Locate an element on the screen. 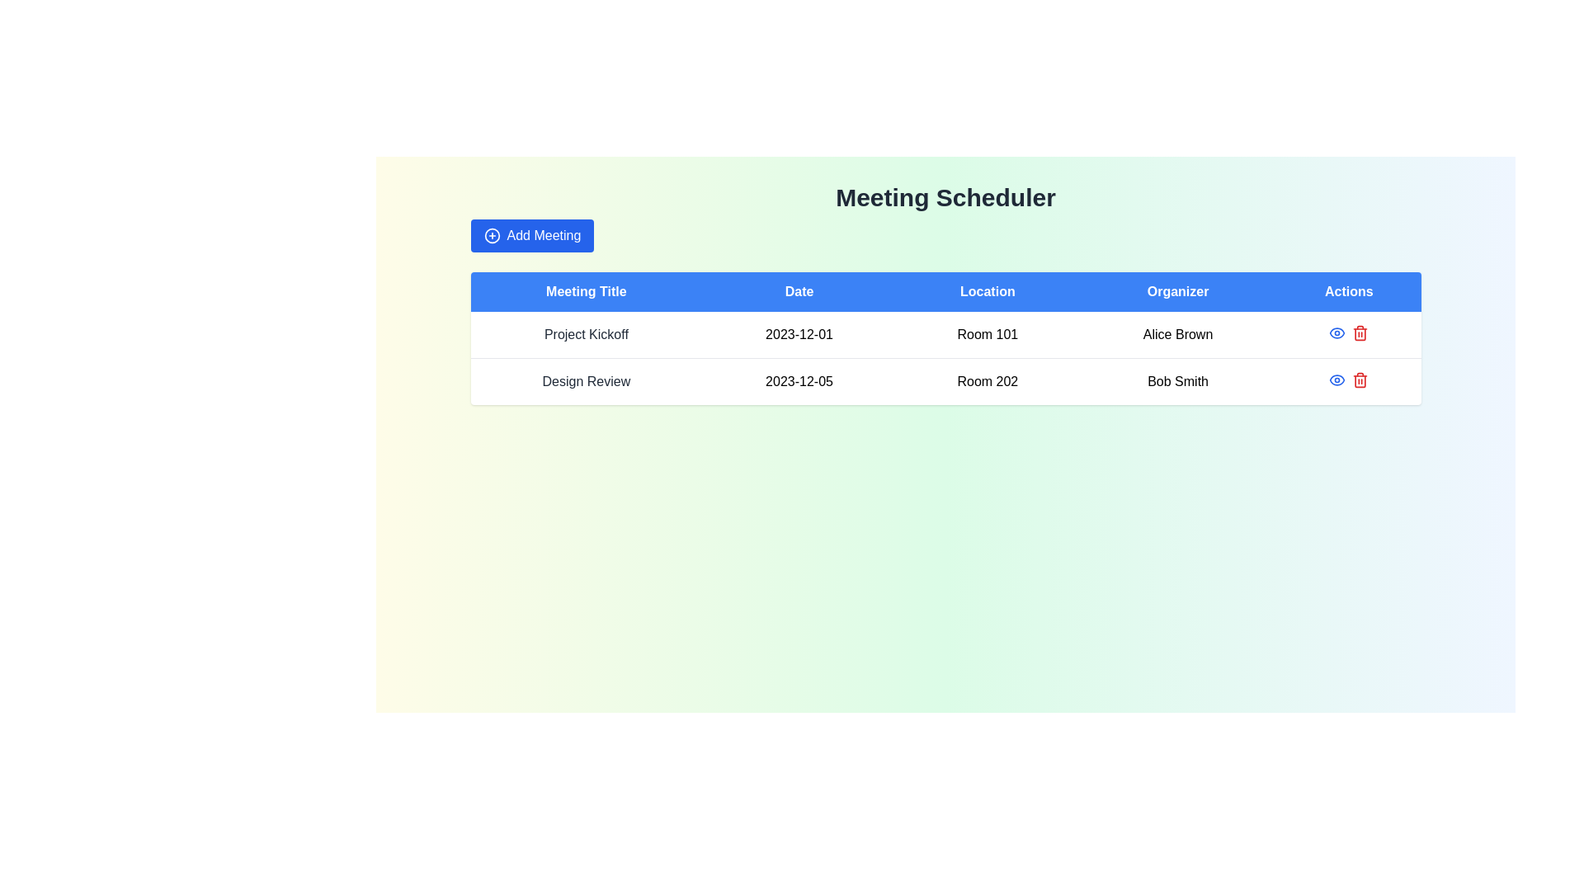 The width and height of the screenshot is (1584, 891). the action buttons group in the 'Actions' column of the 'Project Kickoff' row is located at coordinates (1349, 333).